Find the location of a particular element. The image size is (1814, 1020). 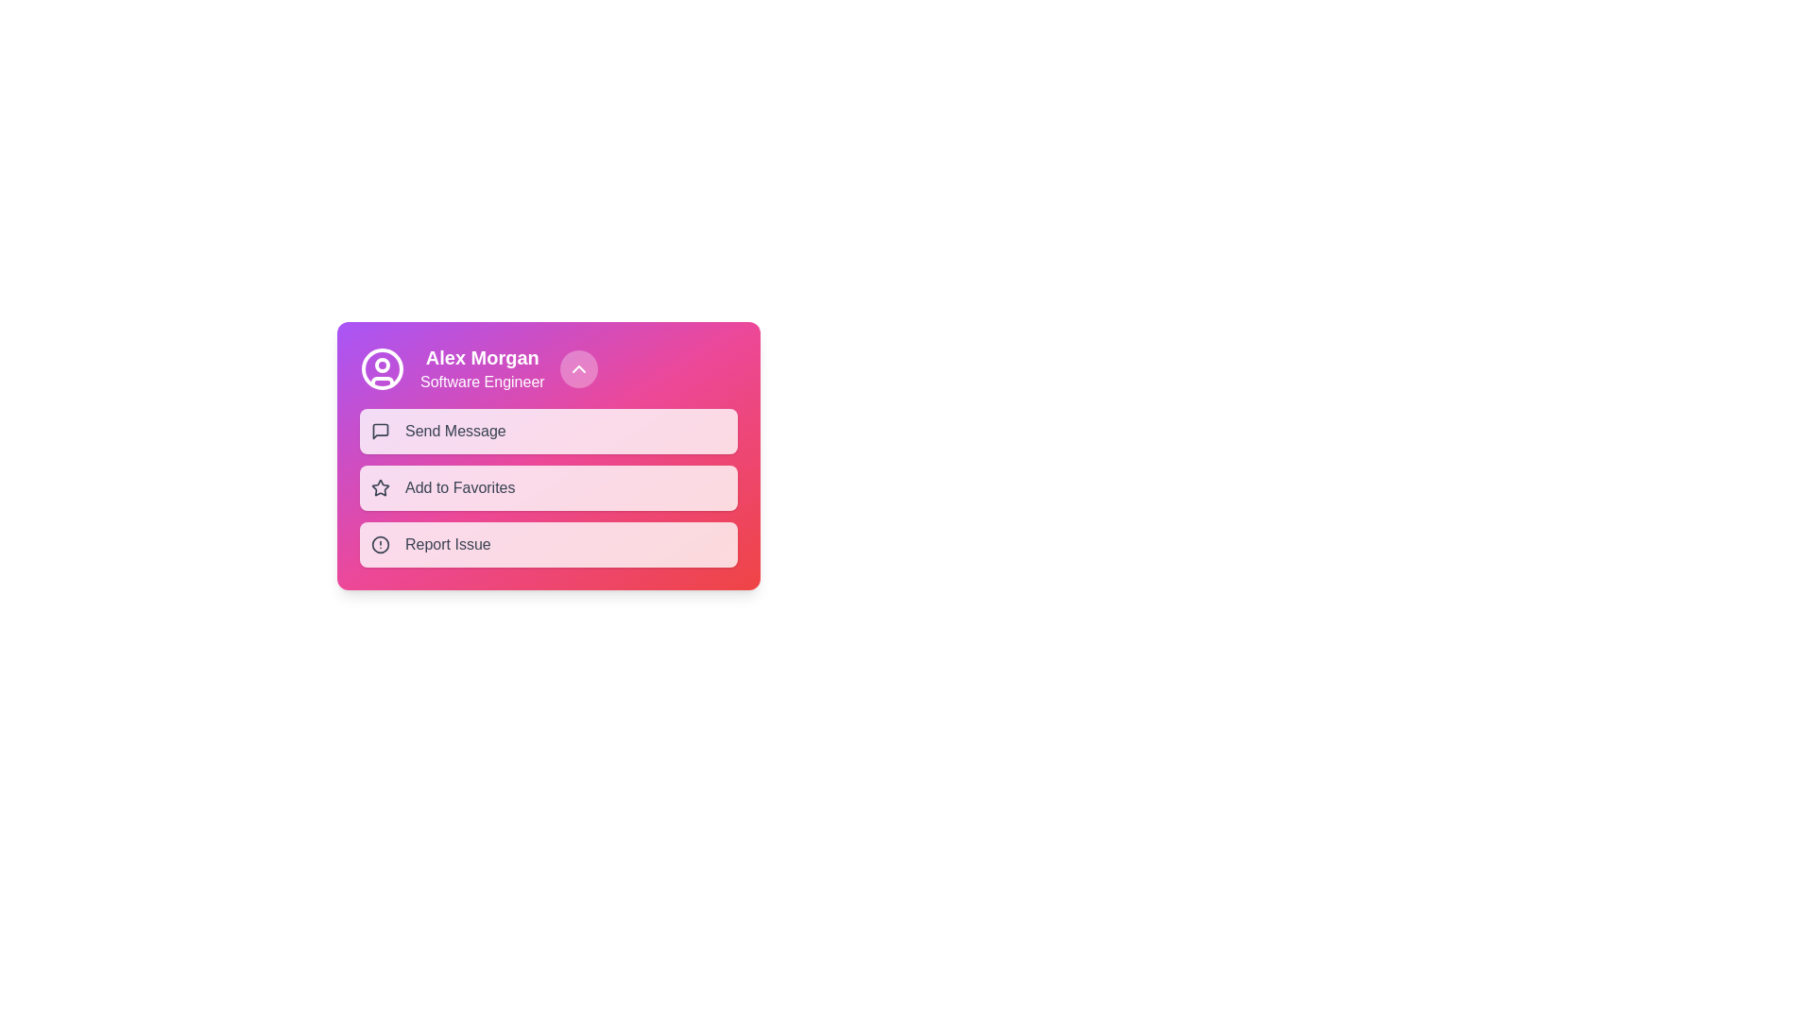

the user profile icon located at the top-left corner of the user details card, which precedes the text 'Alex Morgan' and 'Software Engineer' is located at coordinates (381, 368).